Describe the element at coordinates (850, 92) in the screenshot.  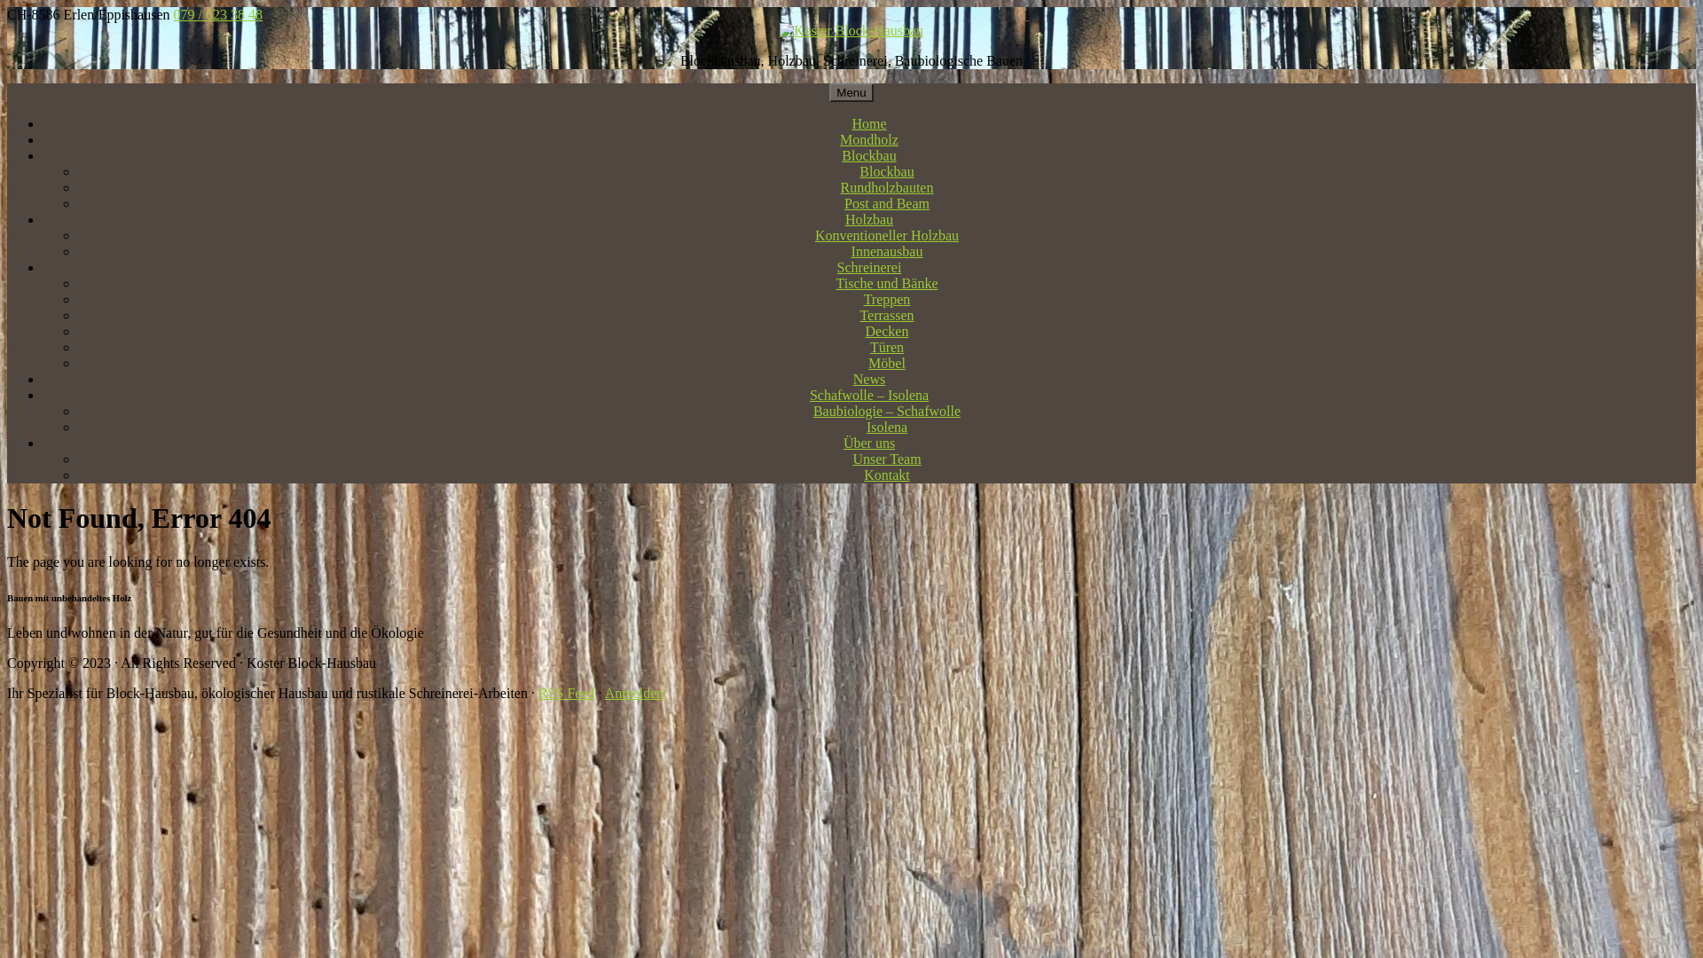
I see `'Menu'` at that location.